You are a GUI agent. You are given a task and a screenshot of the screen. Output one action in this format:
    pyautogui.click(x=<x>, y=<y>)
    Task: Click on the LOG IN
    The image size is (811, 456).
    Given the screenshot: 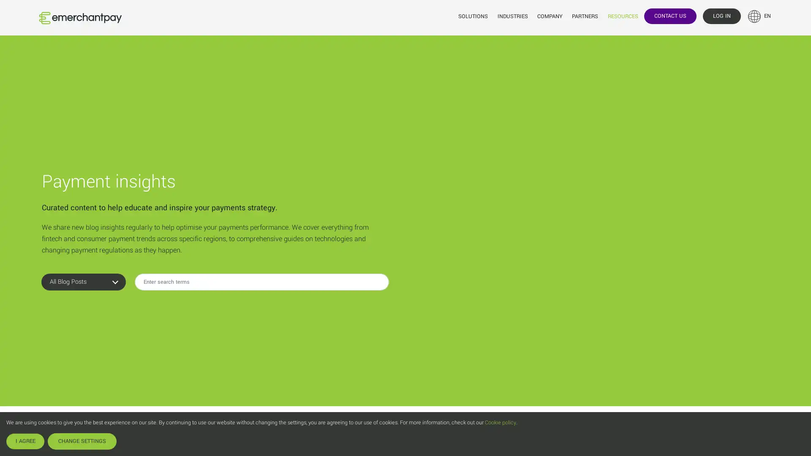 What is the action you would take?
    pyautogui.click(x=721, y=16)
    